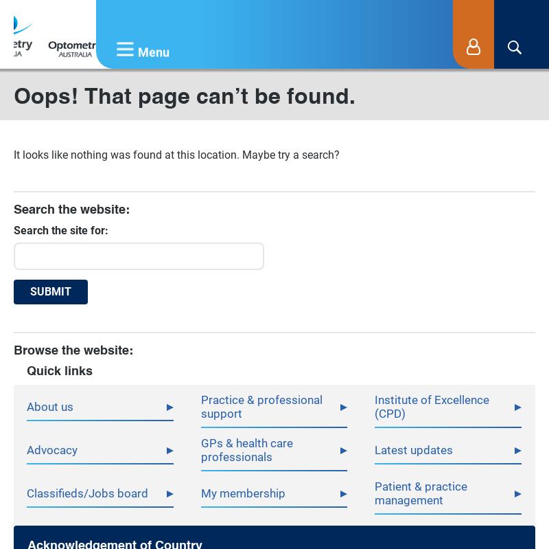  Describe the element at coordinates (71, 208) in the screenshot. I see `'Search the website:'` at that location.